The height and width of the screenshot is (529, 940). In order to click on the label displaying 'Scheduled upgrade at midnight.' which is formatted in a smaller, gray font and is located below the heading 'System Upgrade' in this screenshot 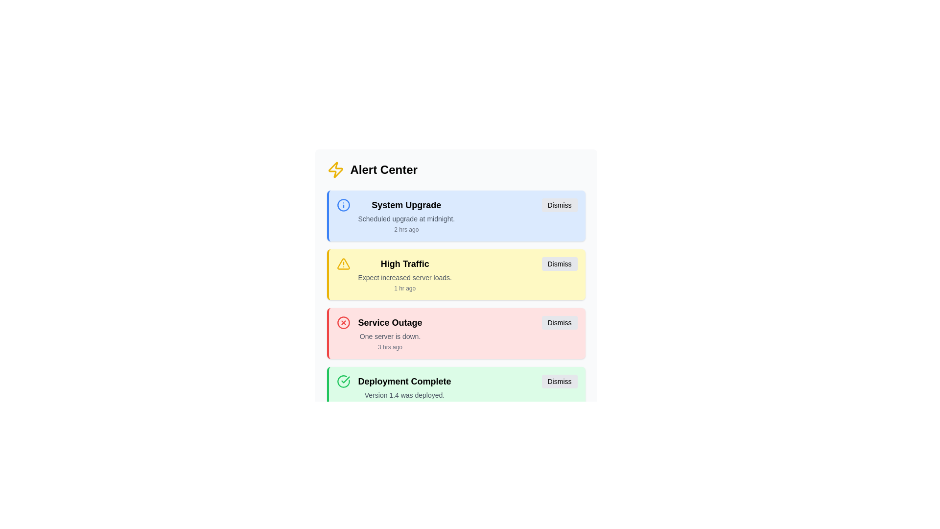, I will do `click(406, 218)`.